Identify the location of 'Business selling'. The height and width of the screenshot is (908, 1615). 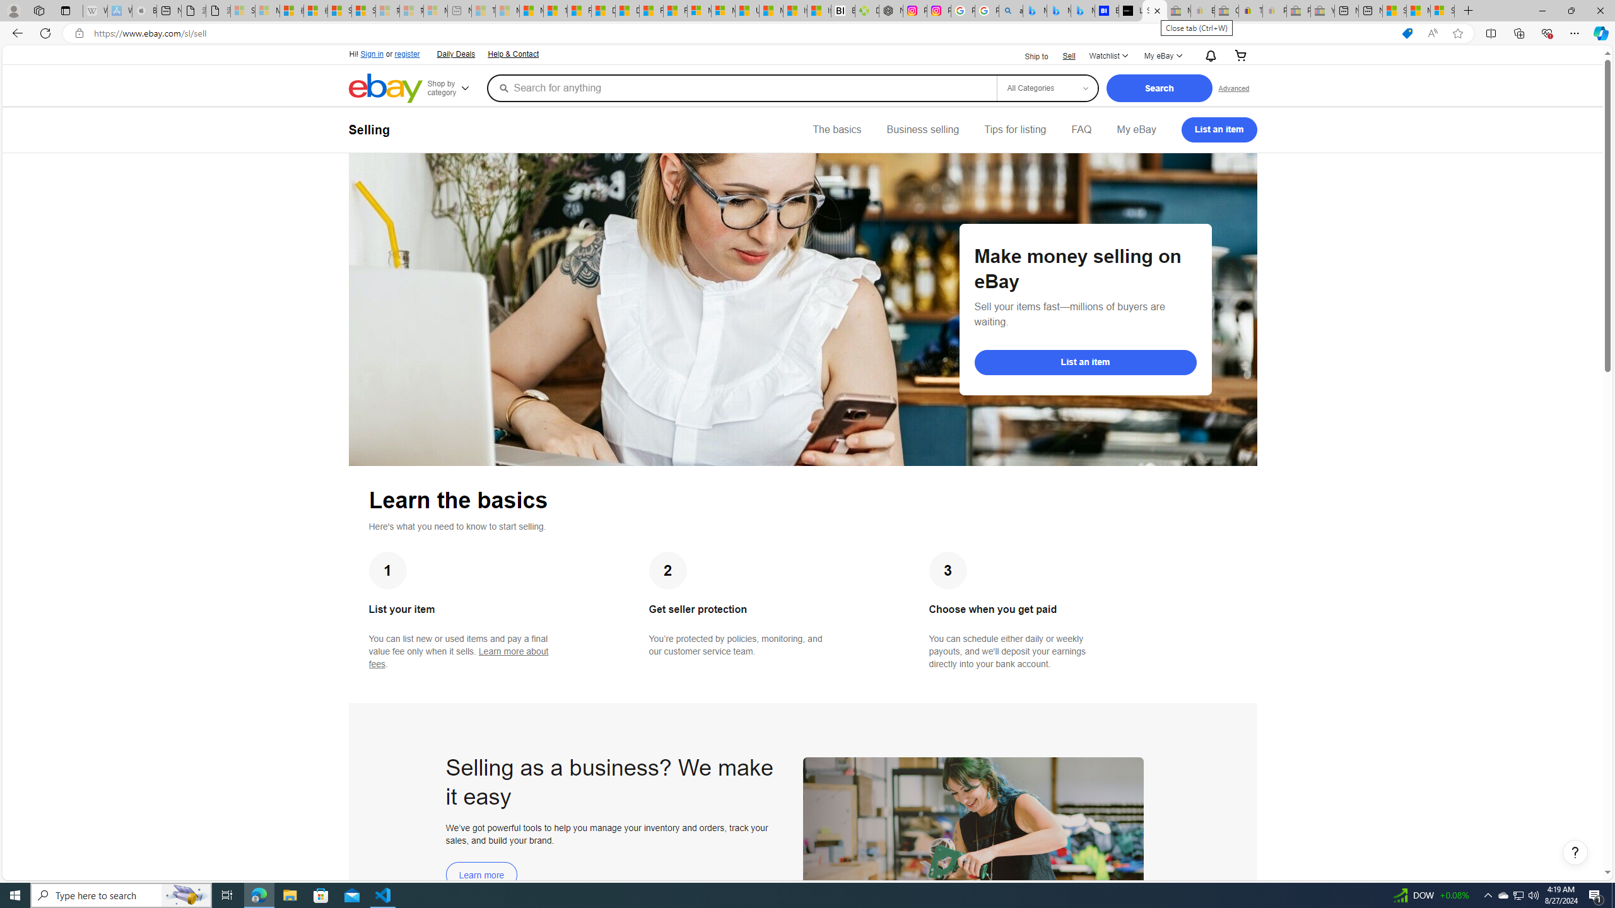
(923, 129).